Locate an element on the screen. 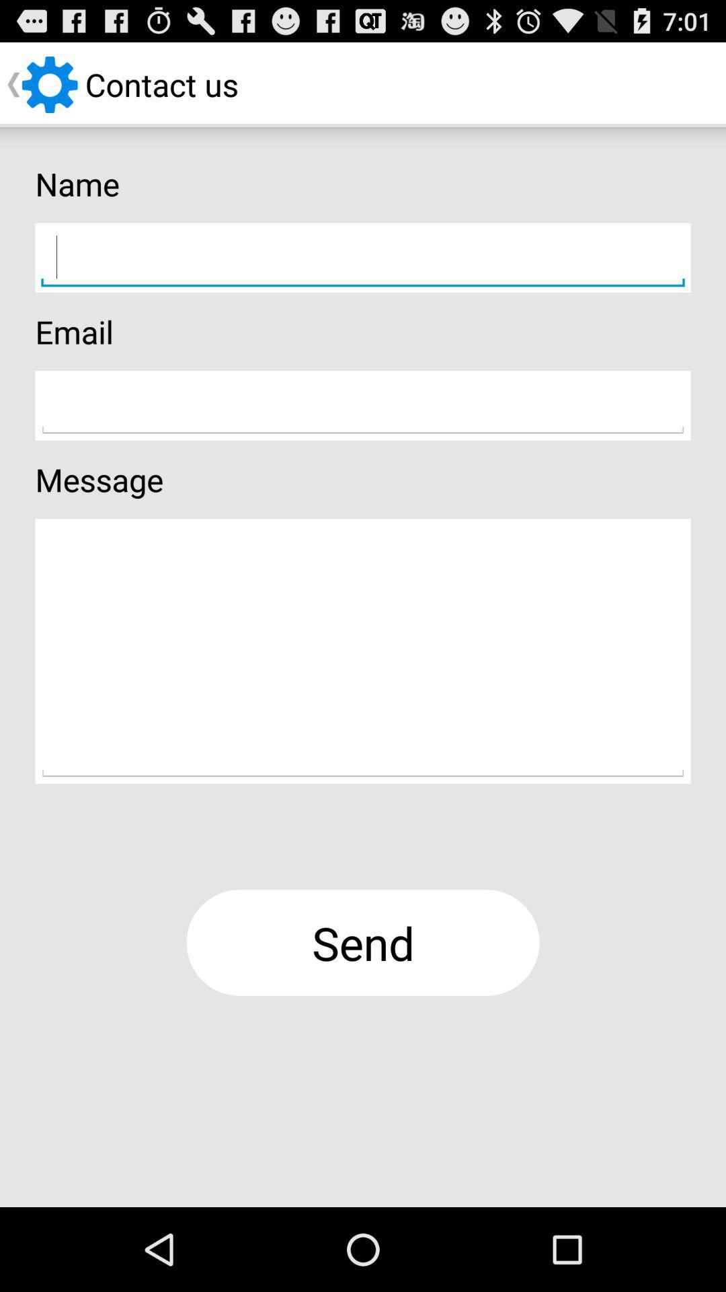 This screenshot has height=1292, width=726. contact message is located at coordinates (363, 651).